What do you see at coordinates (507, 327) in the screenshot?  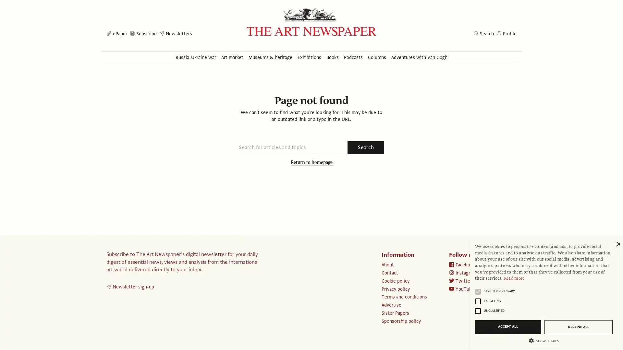 I see `ACCEPT ALL` at bounding box center [507, 327].